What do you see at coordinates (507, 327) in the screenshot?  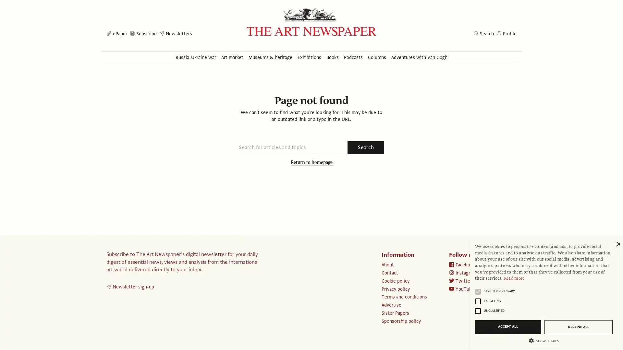 I see `ACCEPT ALL` at bounding box center [507, 327].